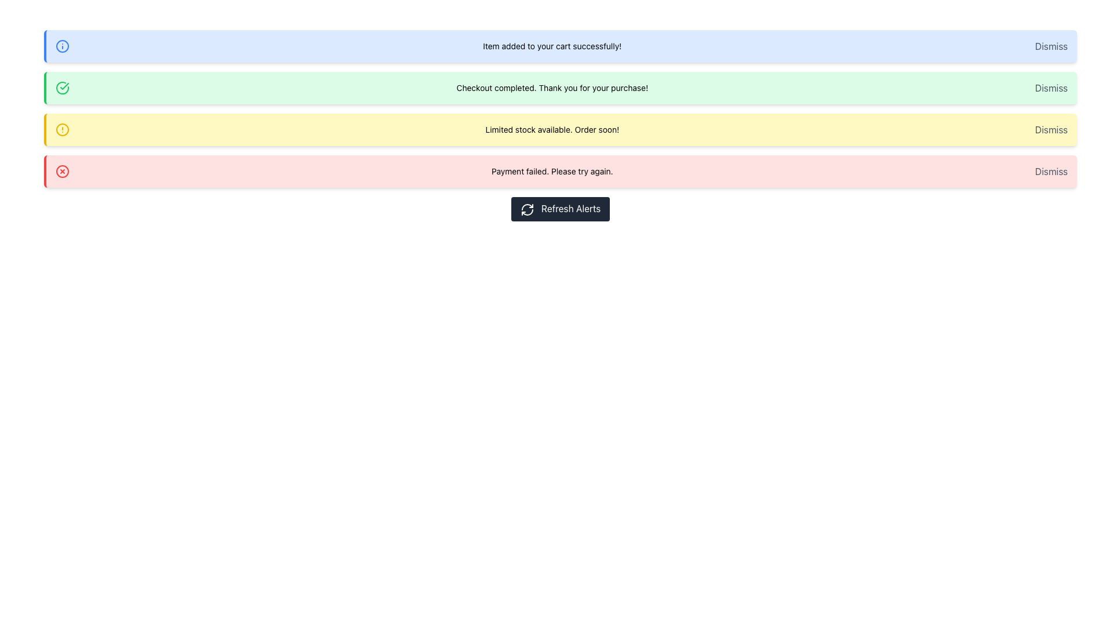 The width and height of the screenshot is (1113, 626). Describe the element at coordinates (551, 172) in the screenshot. I see `the static text element that displays the message 'Payment failed. Please try again.' which is located within the fourth notification of a stack of alerts` at that location.